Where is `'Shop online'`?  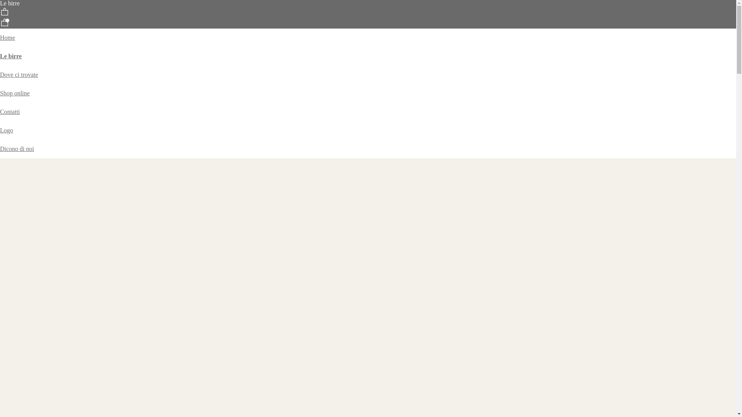 'Shop online' is located at coordinates (0, 93).